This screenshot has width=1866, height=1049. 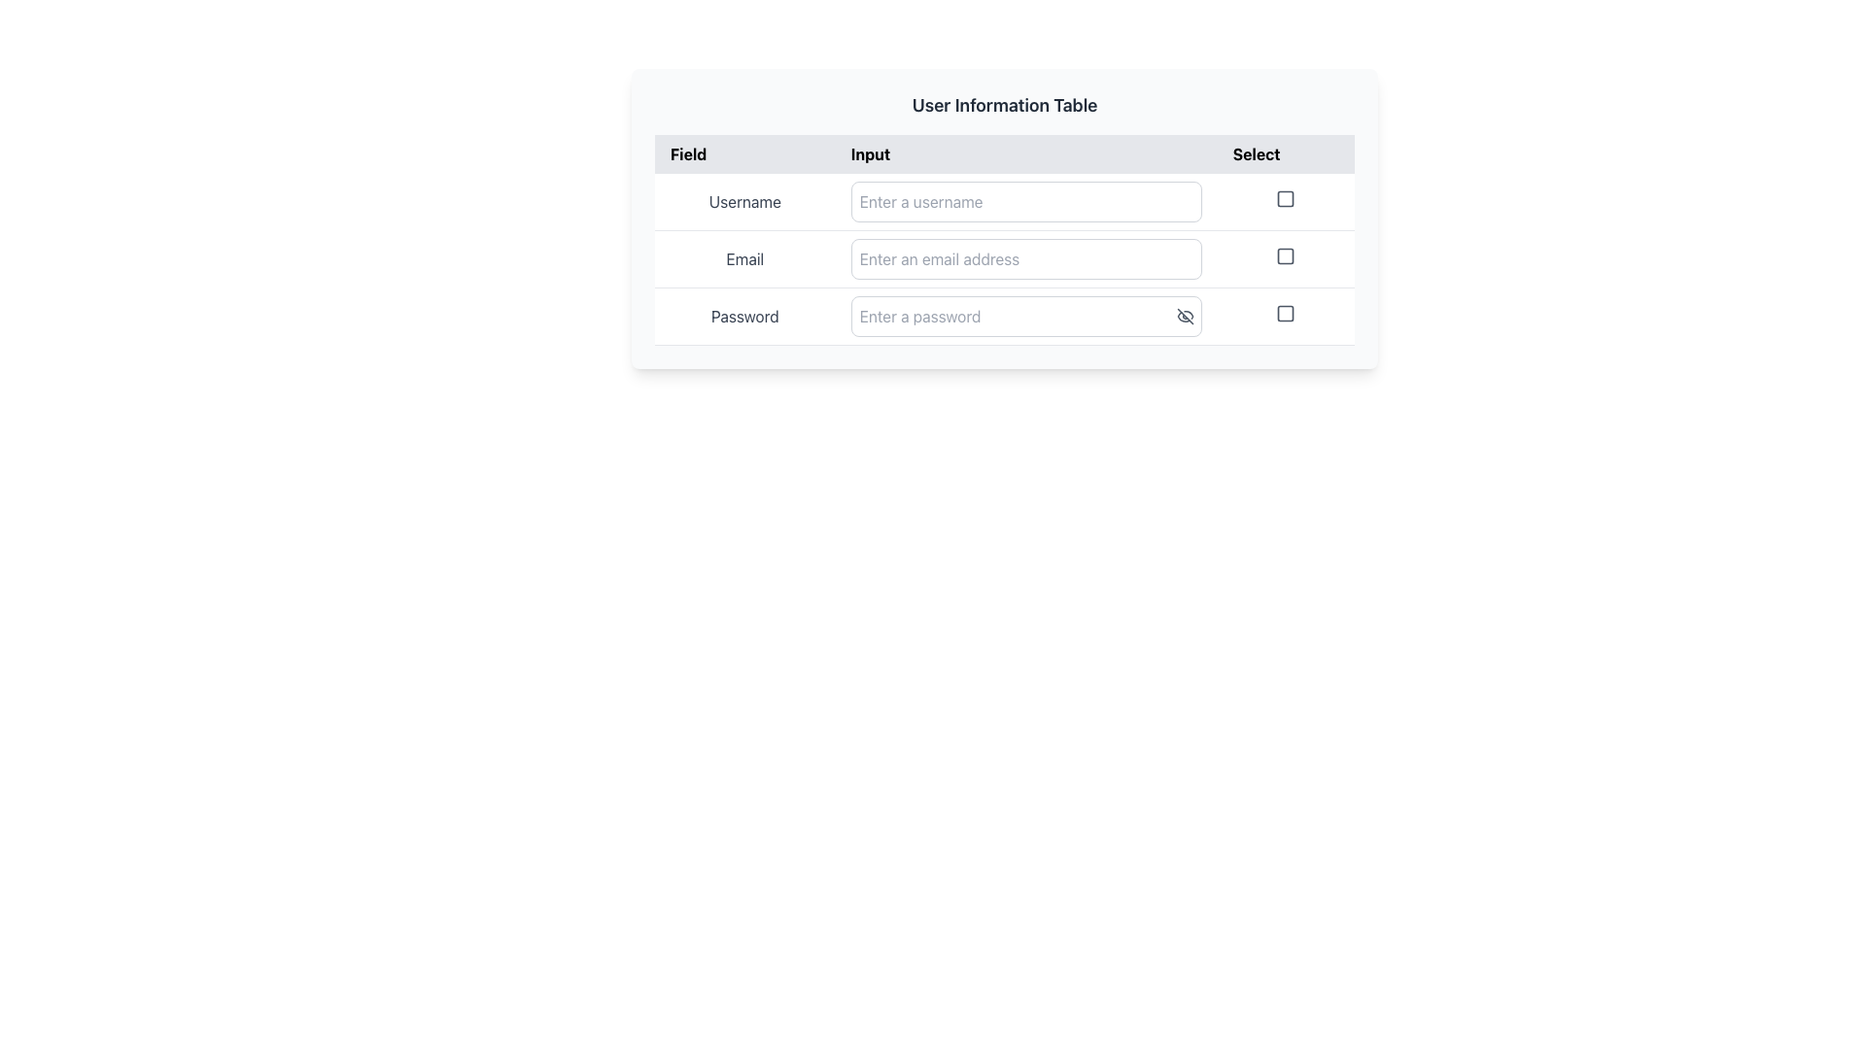 I want to click on the 'Email' label in the Input Group, so click(x=1004, y=257).